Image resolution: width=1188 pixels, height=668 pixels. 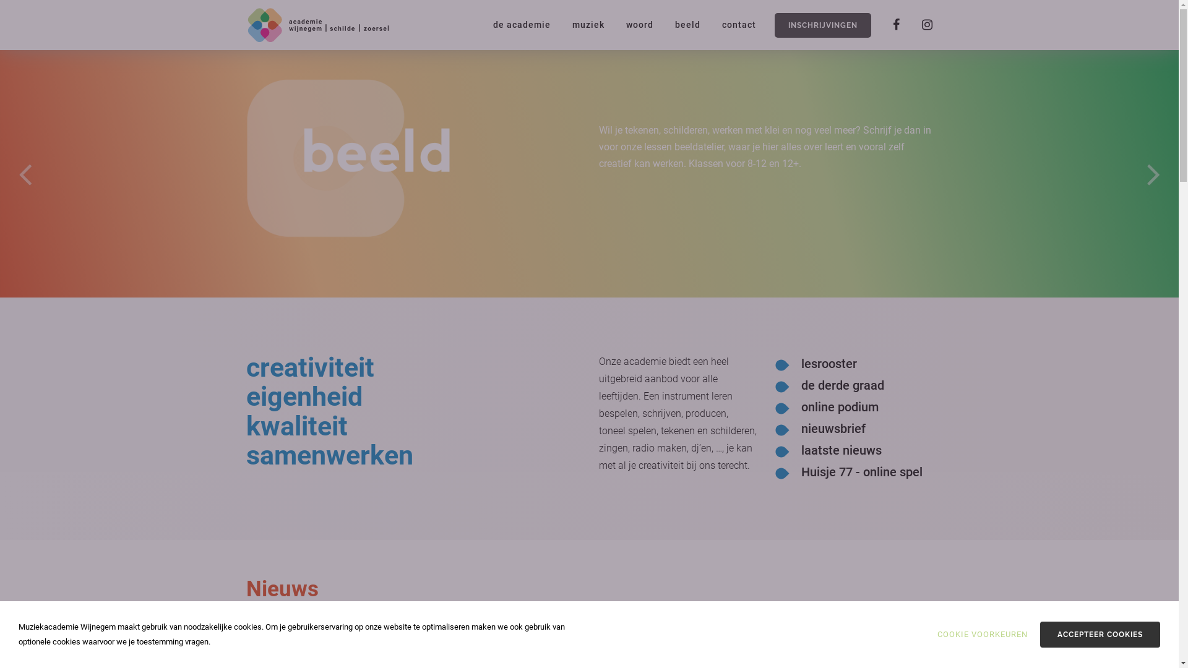 I want to click on 'lesrooster', so click(x=829, y=362).